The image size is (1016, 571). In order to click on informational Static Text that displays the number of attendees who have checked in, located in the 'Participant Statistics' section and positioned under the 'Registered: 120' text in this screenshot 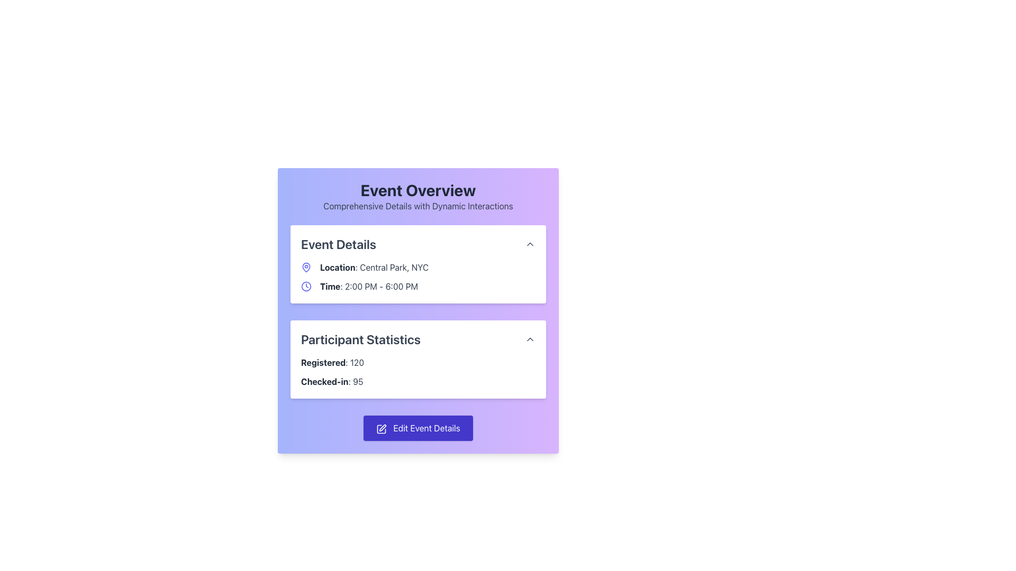, I will do `click(331, 381)`.